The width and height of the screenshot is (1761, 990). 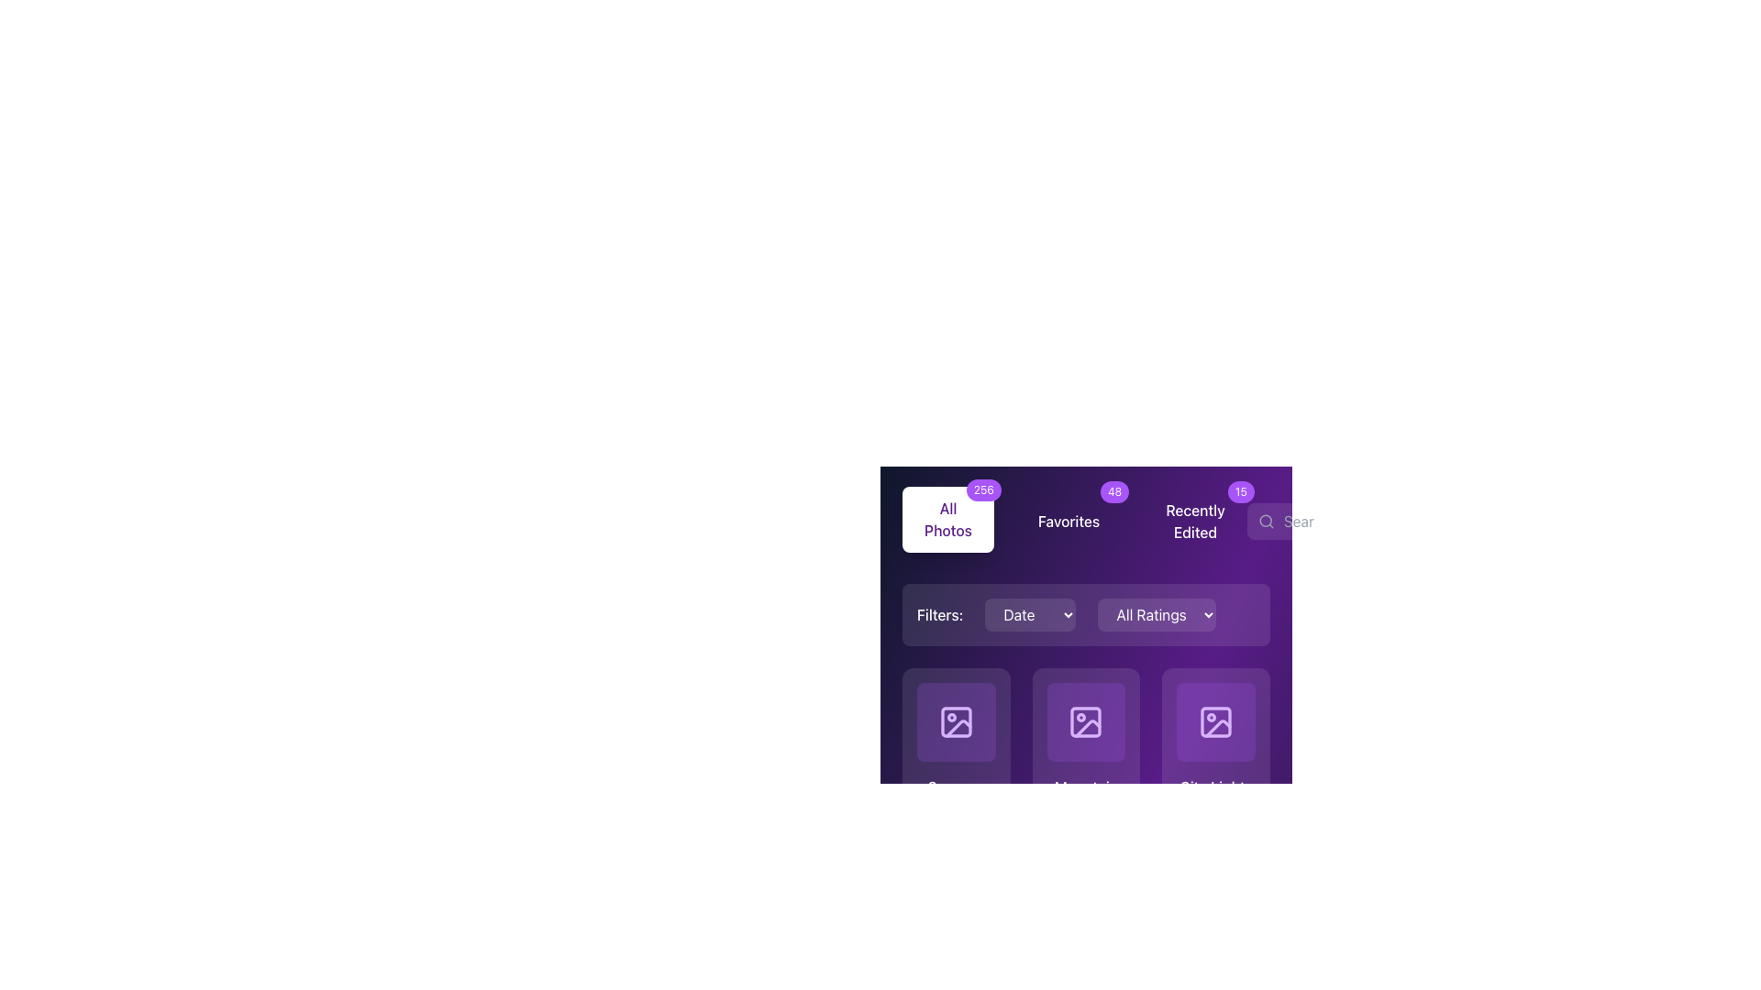 What do you see at coordinates (1113, 490) in the screenshot?
I see `displayed number on the 'Favorites' badge located in the upper right corner of the Favorites section` at bounding box center [1113, 490].